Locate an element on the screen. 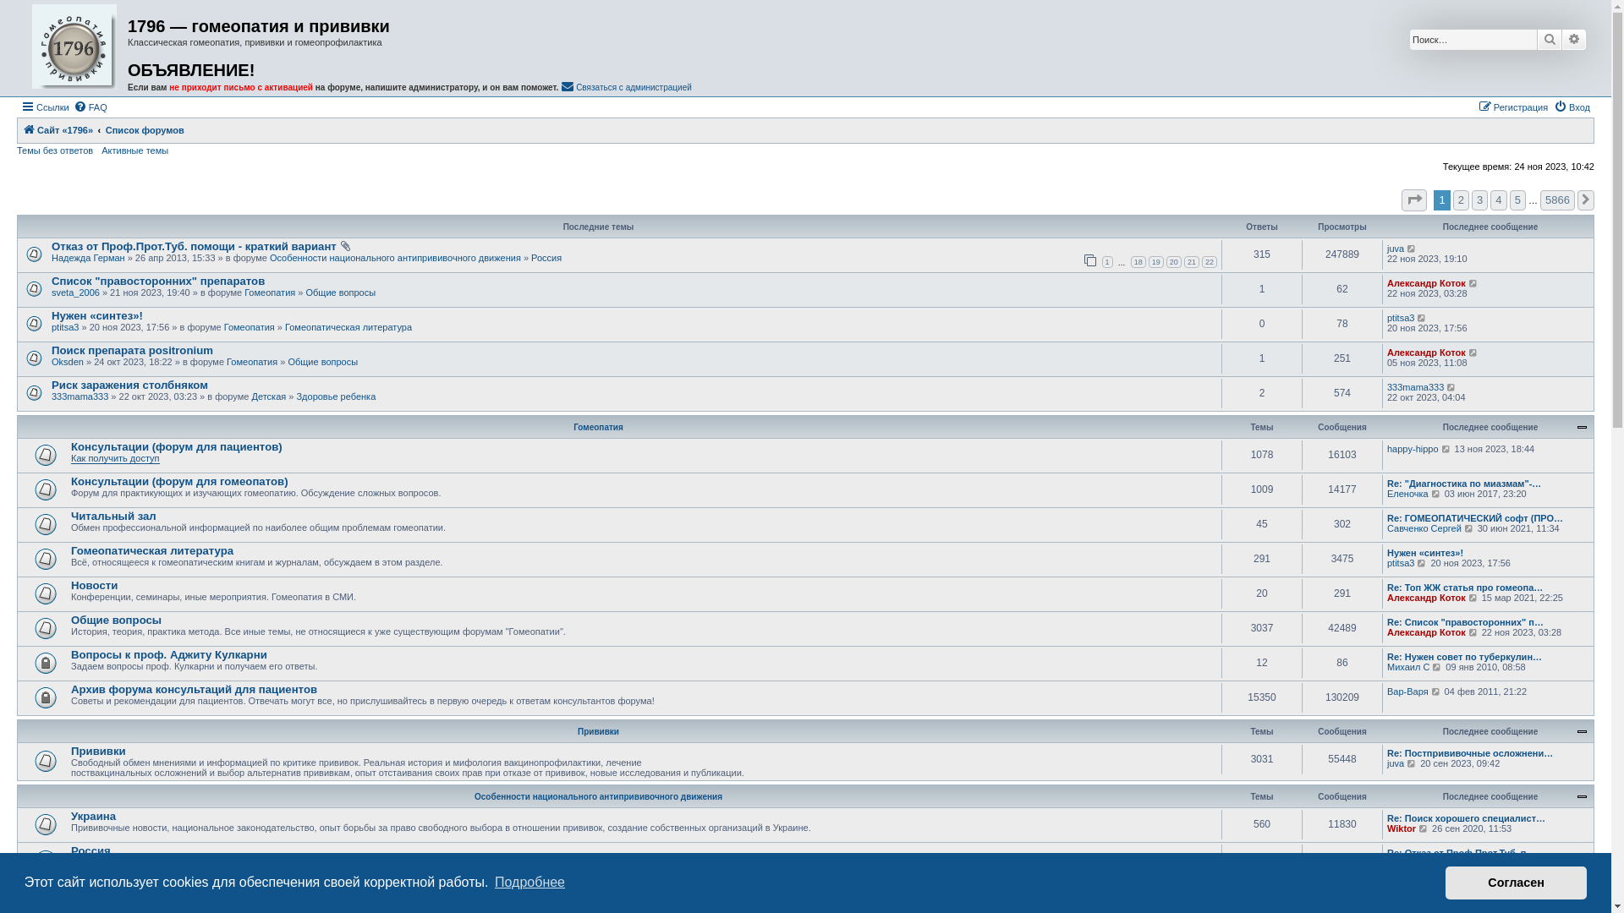 This screenshot has height=913, width=1624. 'Oksden' is located at coordinates (52, 361).